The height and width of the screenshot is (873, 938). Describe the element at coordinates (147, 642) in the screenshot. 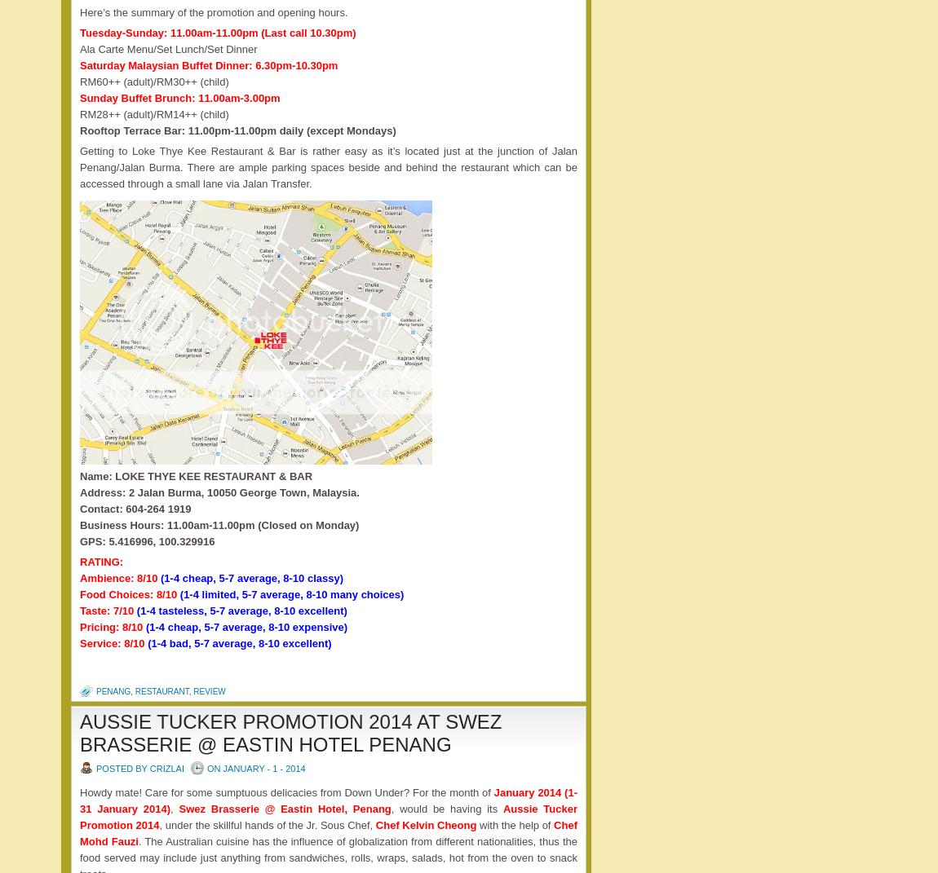

I see `'(1-4 bad, 5-7 average, 8-10 excellent)'` at that location.